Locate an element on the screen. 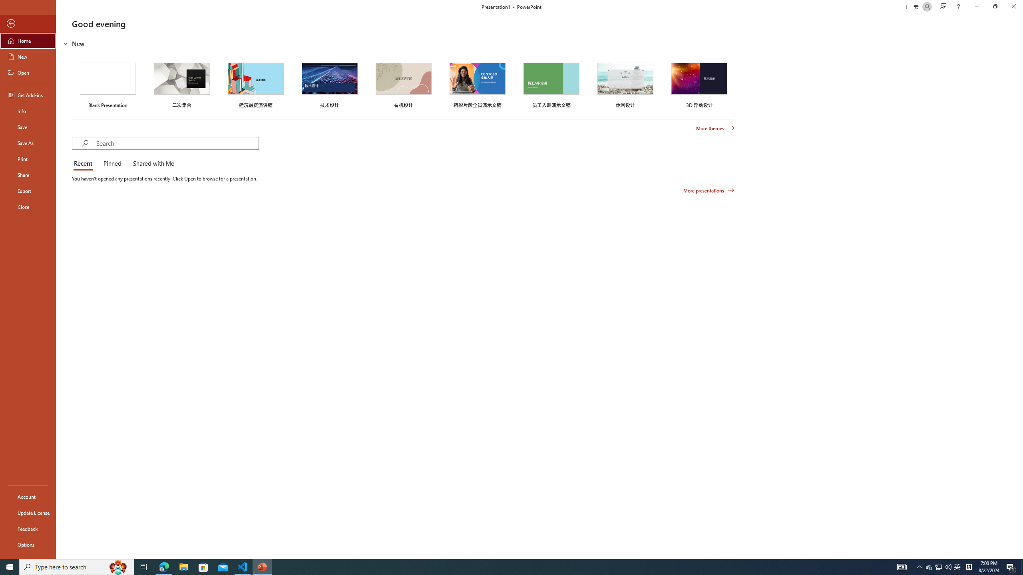  'Update License' is located at coordinates (28, 512).